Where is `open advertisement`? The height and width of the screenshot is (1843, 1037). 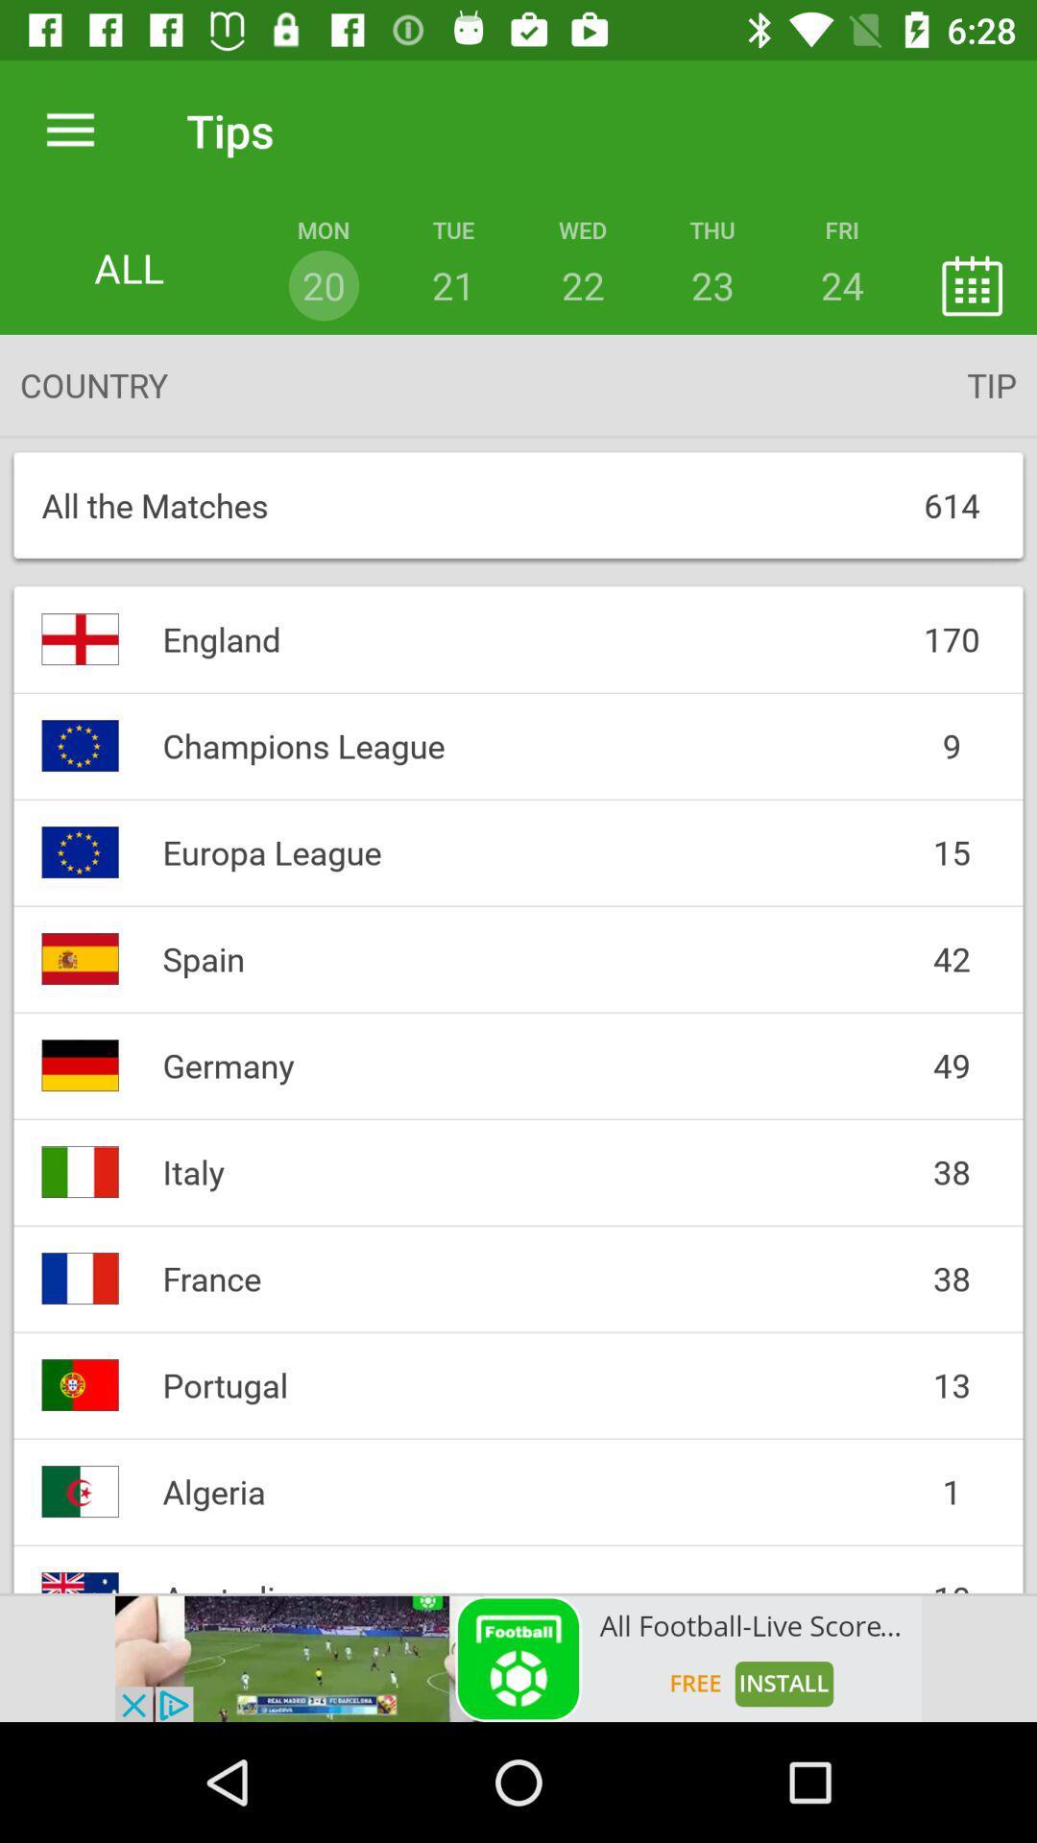
open advertisement is located at coordinates (518, 1658).